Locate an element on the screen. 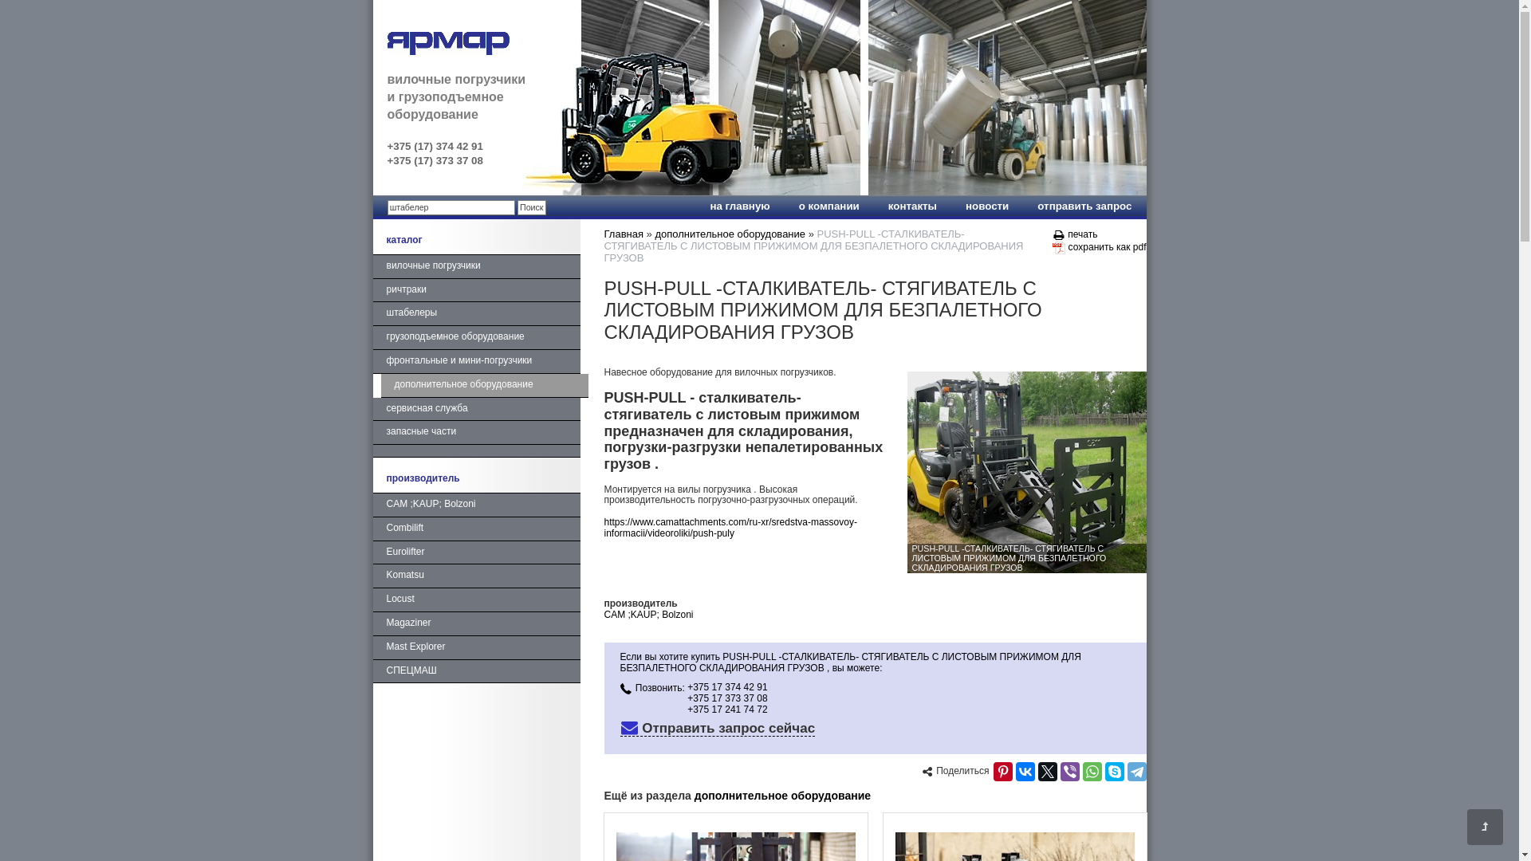  '+375 17 241 74 72' is located at coordinates (726, 709).